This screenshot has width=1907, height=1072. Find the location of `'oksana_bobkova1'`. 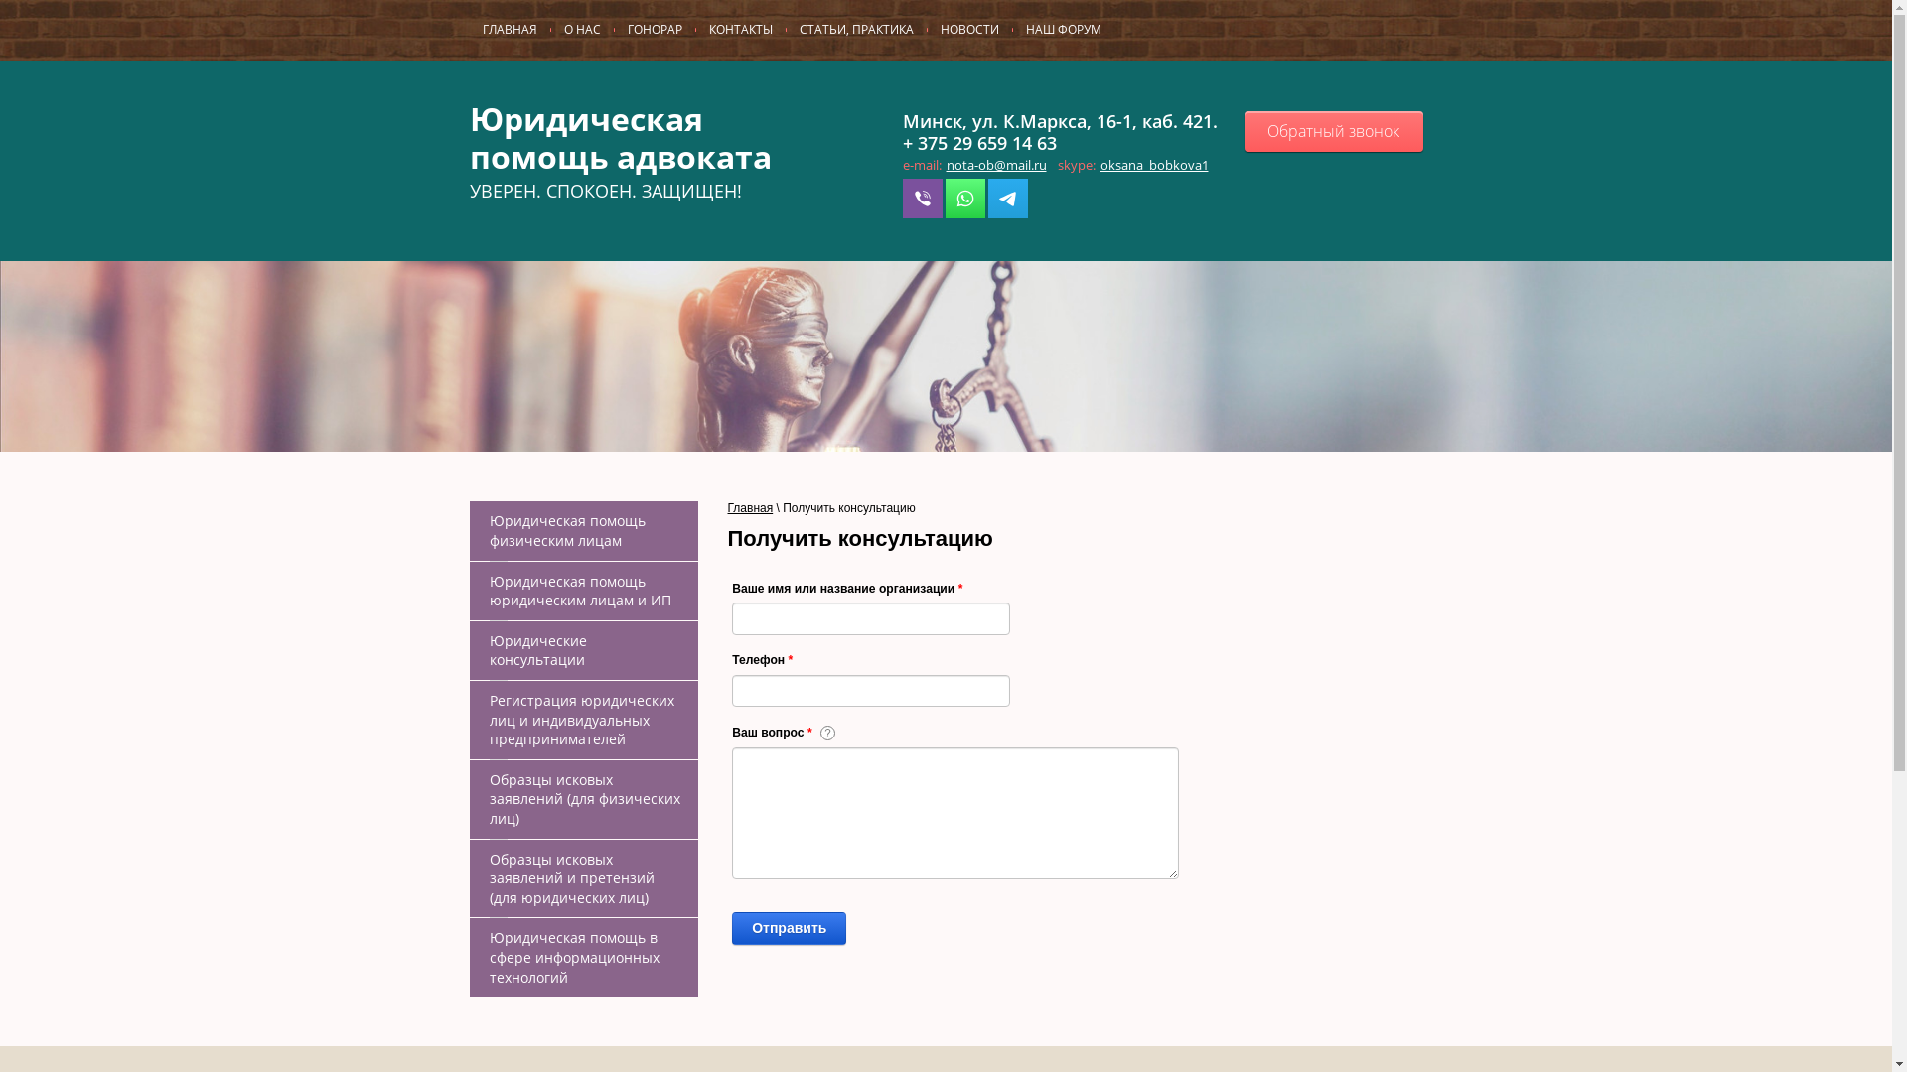

'oksana_bobkova1' is located at coordinates (1154, 163).